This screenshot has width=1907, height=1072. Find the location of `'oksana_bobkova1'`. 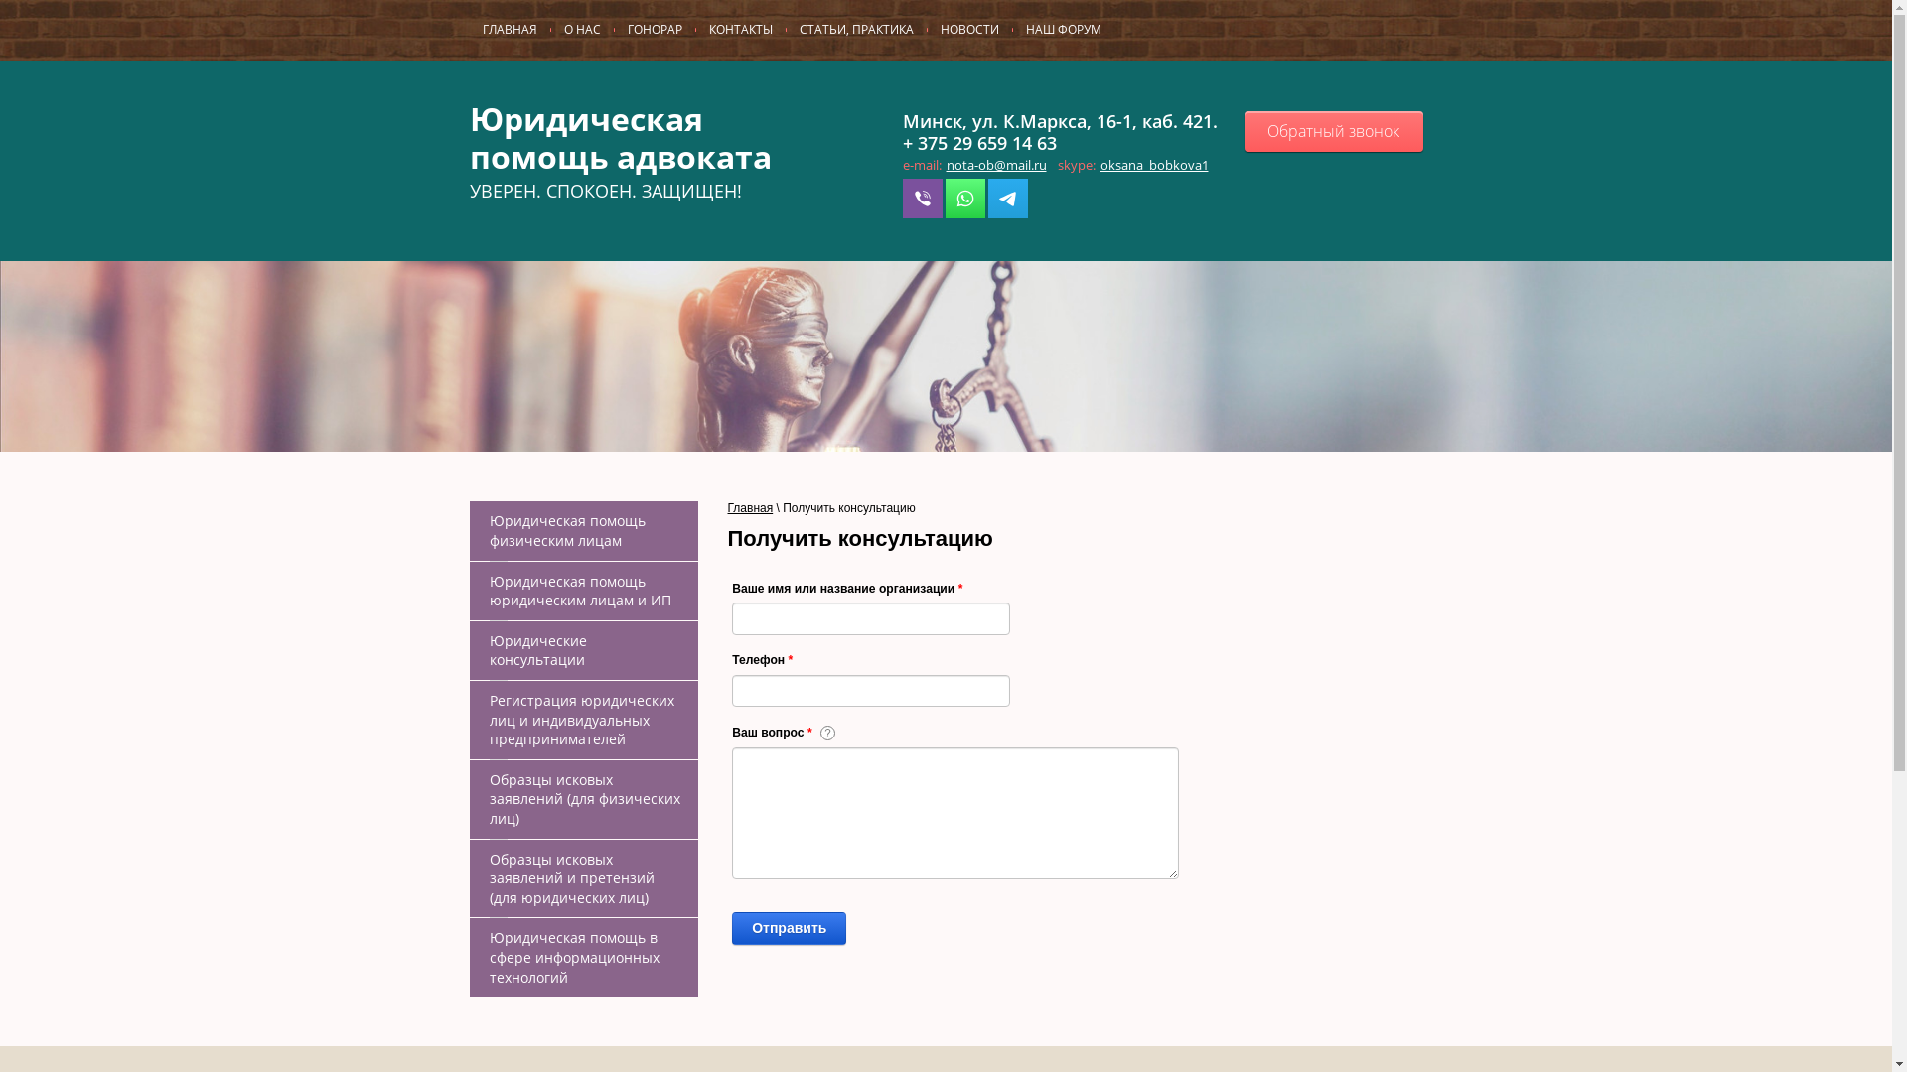

'oksana_bobkova1' is located at coordinates (1154, 163).